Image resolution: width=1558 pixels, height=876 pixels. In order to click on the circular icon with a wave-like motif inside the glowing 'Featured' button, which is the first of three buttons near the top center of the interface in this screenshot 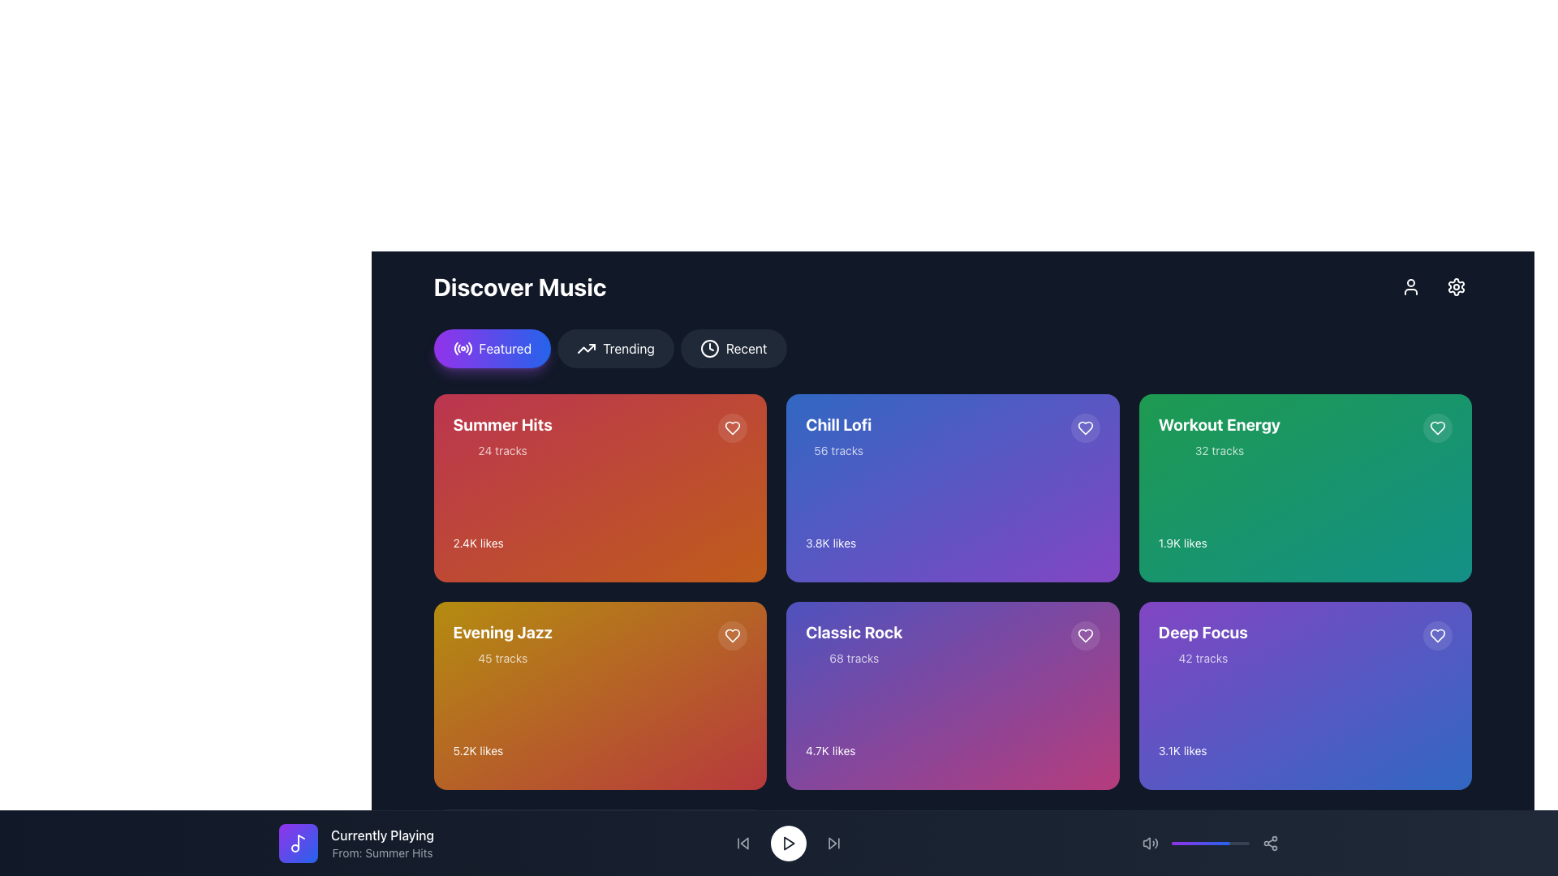, I will do `click(462, 347)`.